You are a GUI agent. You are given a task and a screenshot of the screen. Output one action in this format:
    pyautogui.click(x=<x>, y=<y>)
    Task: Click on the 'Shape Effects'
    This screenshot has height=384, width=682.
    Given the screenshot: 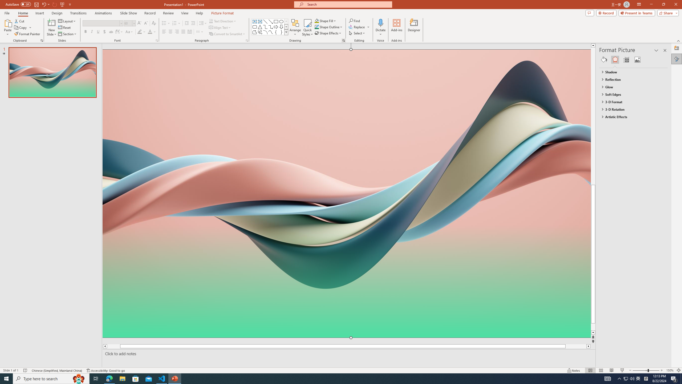 What is the action you would take?
    pyautogui.click(x=328, y=33)
    